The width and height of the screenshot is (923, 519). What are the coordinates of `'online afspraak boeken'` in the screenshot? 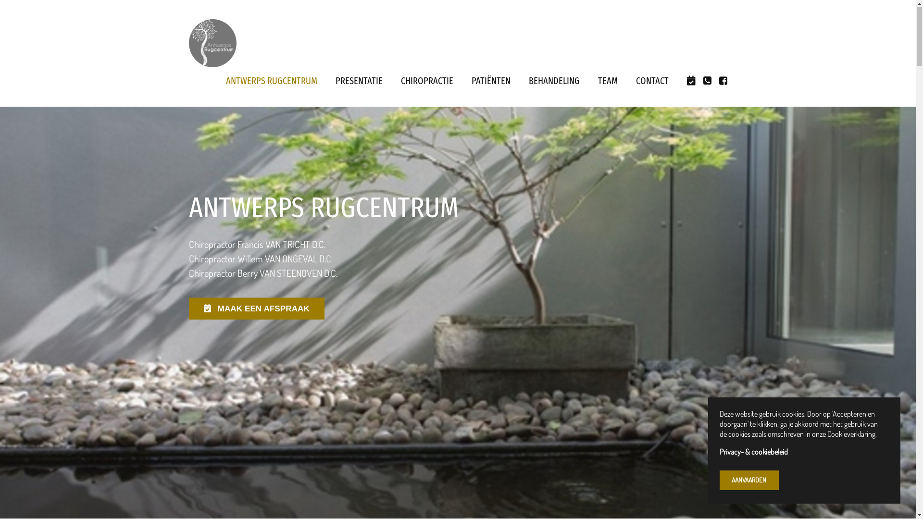 It's located at (690, 81).